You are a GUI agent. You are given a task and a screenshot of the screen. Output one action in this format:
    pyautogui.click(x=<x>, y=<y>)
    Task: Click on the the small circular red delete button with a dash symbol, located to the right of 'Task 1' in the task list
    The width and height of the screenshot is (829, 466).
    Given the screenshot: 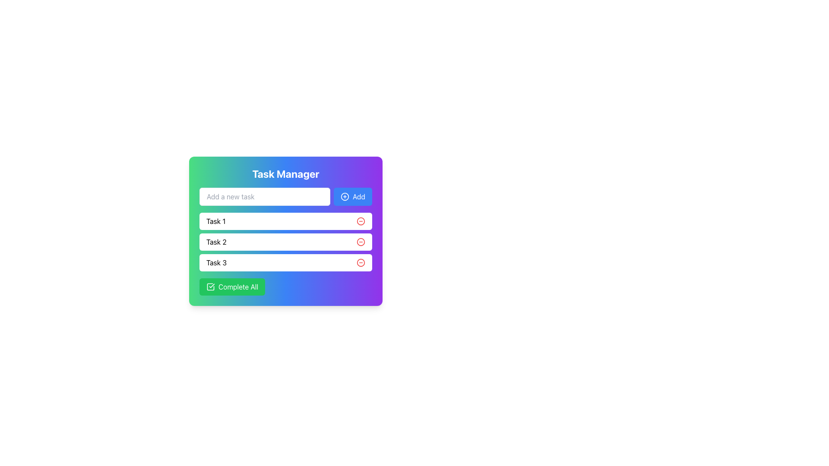 What is the action you would take?
    pyautogui.click(x=361, y=221)
    